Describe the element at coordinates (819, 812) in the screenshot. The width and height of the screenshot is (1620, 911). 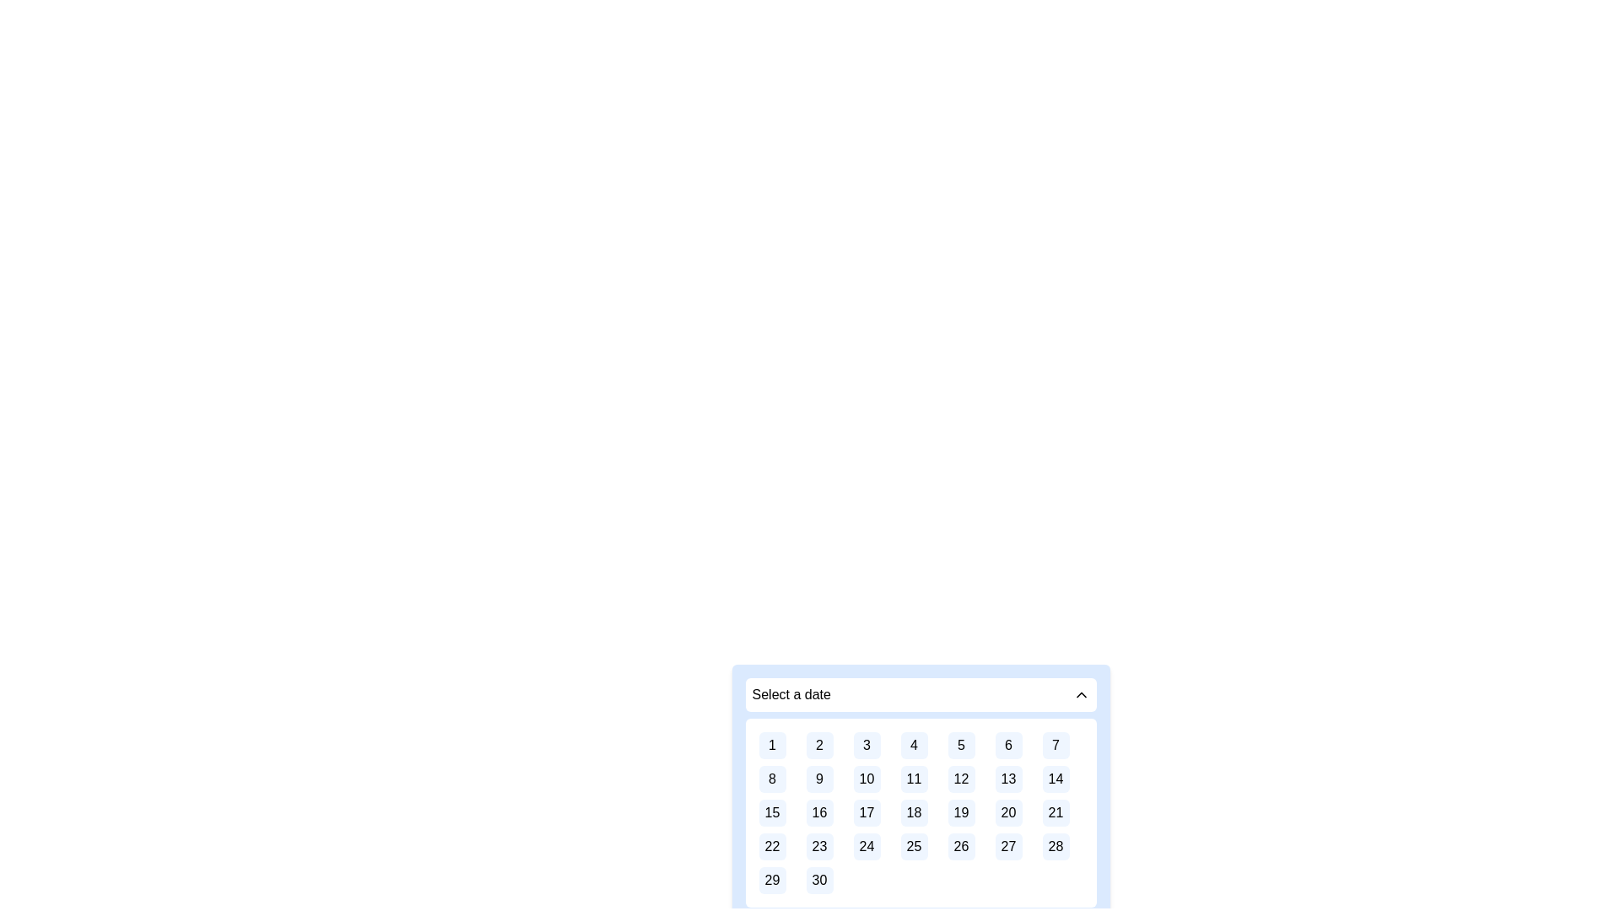
I see `the date selection button representing the date '16' in the calendar interface` at that location.